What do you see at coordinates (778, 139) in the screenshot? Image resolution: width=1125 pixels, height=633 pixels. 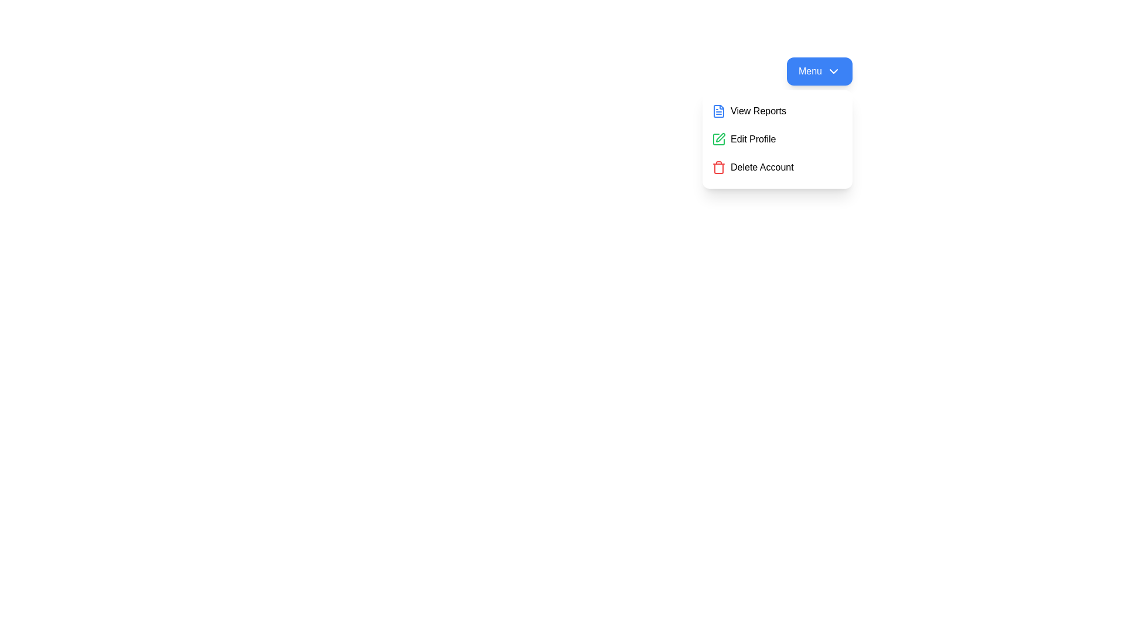 I see `the menu option Edit Profile to highlight it` at bounding box center [778, 139].